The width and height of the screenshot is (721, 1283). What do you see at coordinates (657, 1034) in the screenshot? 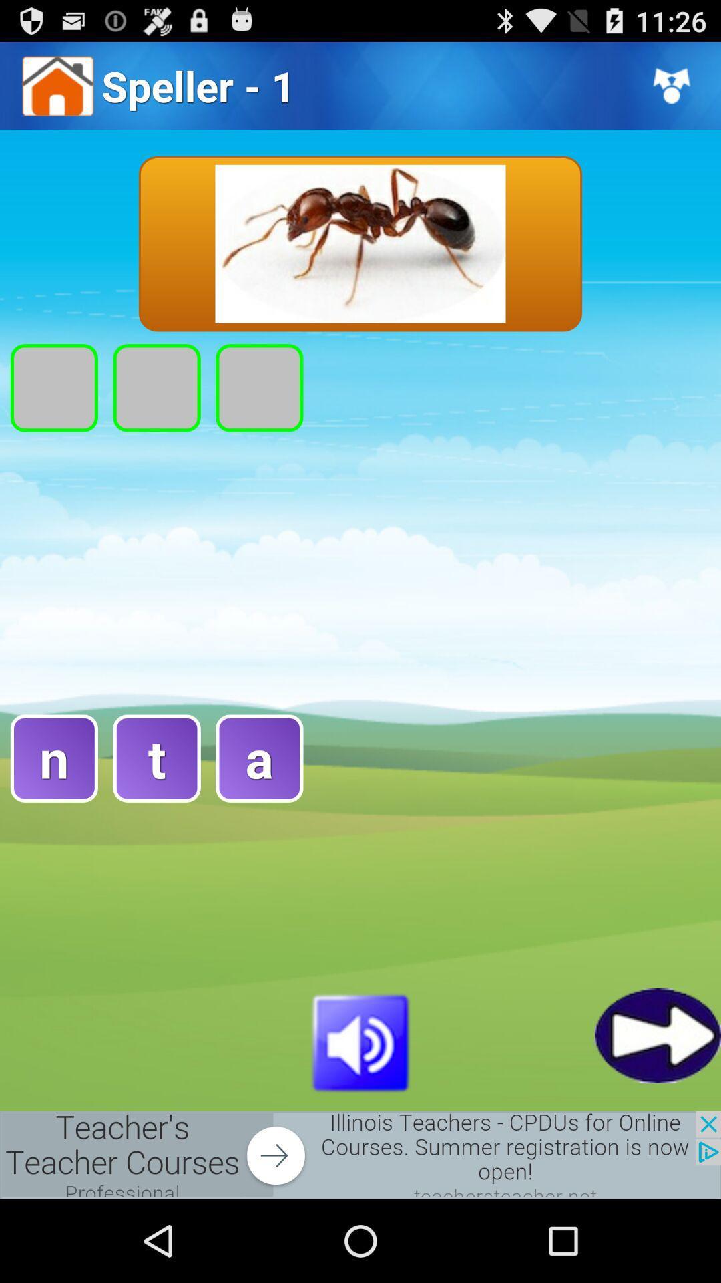
I see `go forward` at bounding box center [657, 1034].